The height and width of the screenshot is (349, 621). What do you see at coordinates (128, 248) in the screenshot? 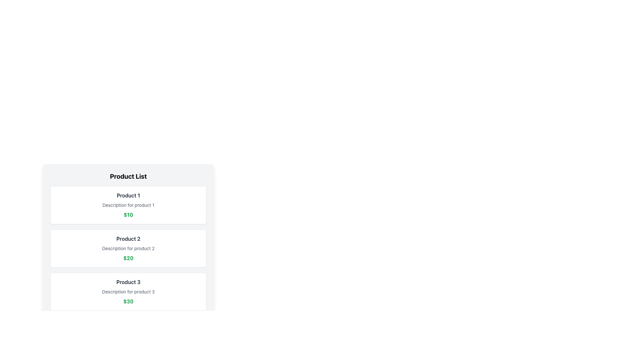
I see `text from the second product card in the product catalog, which displays the product name, description, and price` at bounding box center [128, 248].